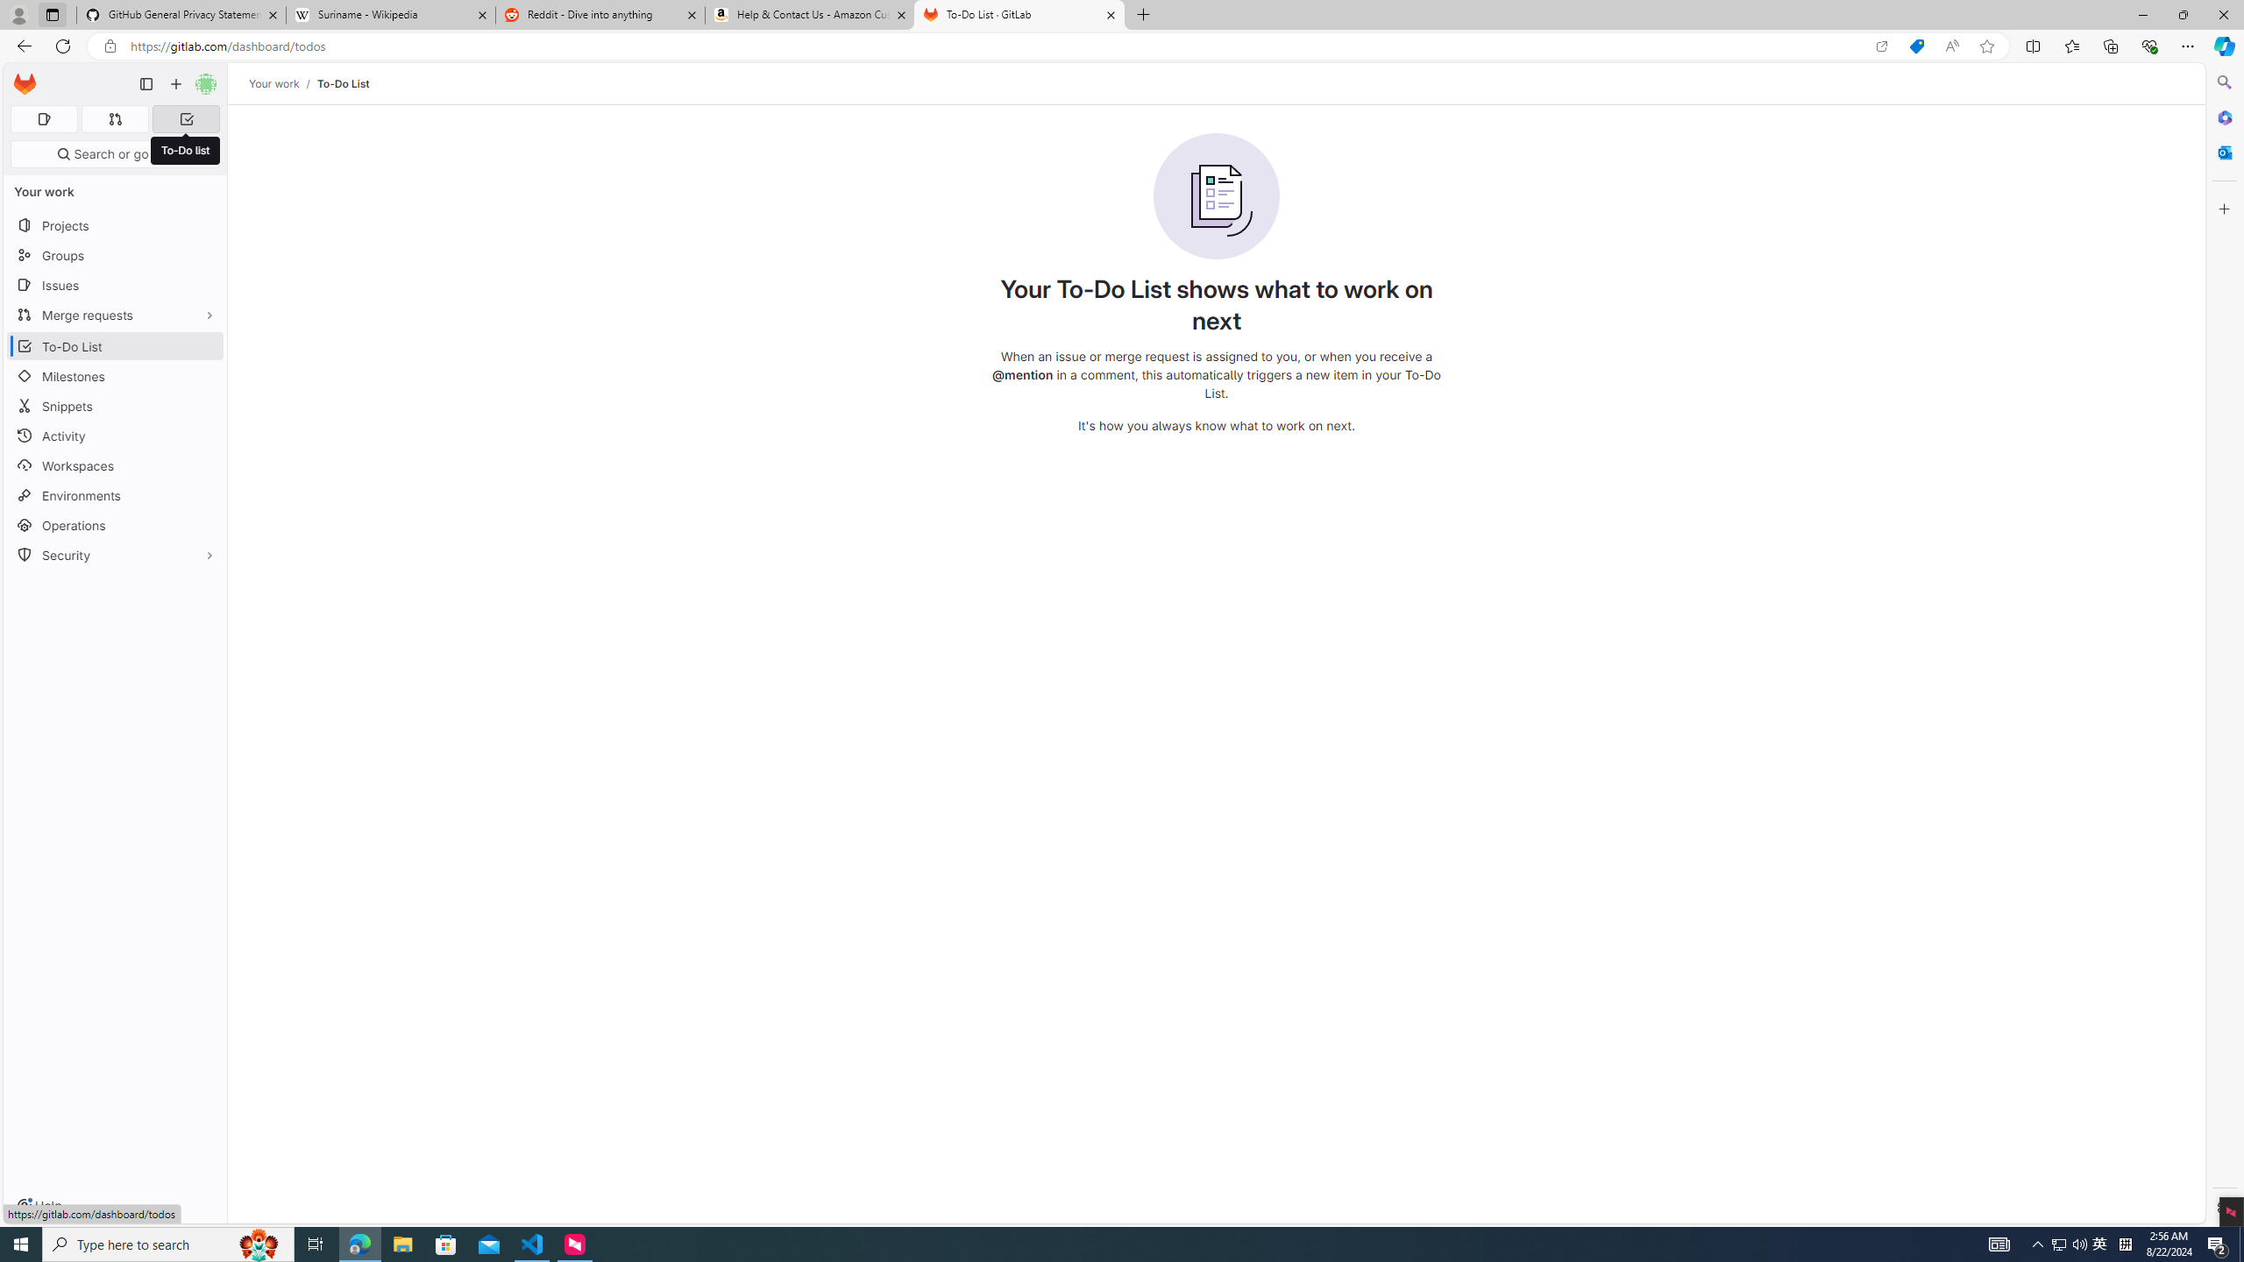 This screenshot has height=1262, width=2244. Describe the element at coordinates (114, 553) in the screenshot. I see `'Security'` at that location.